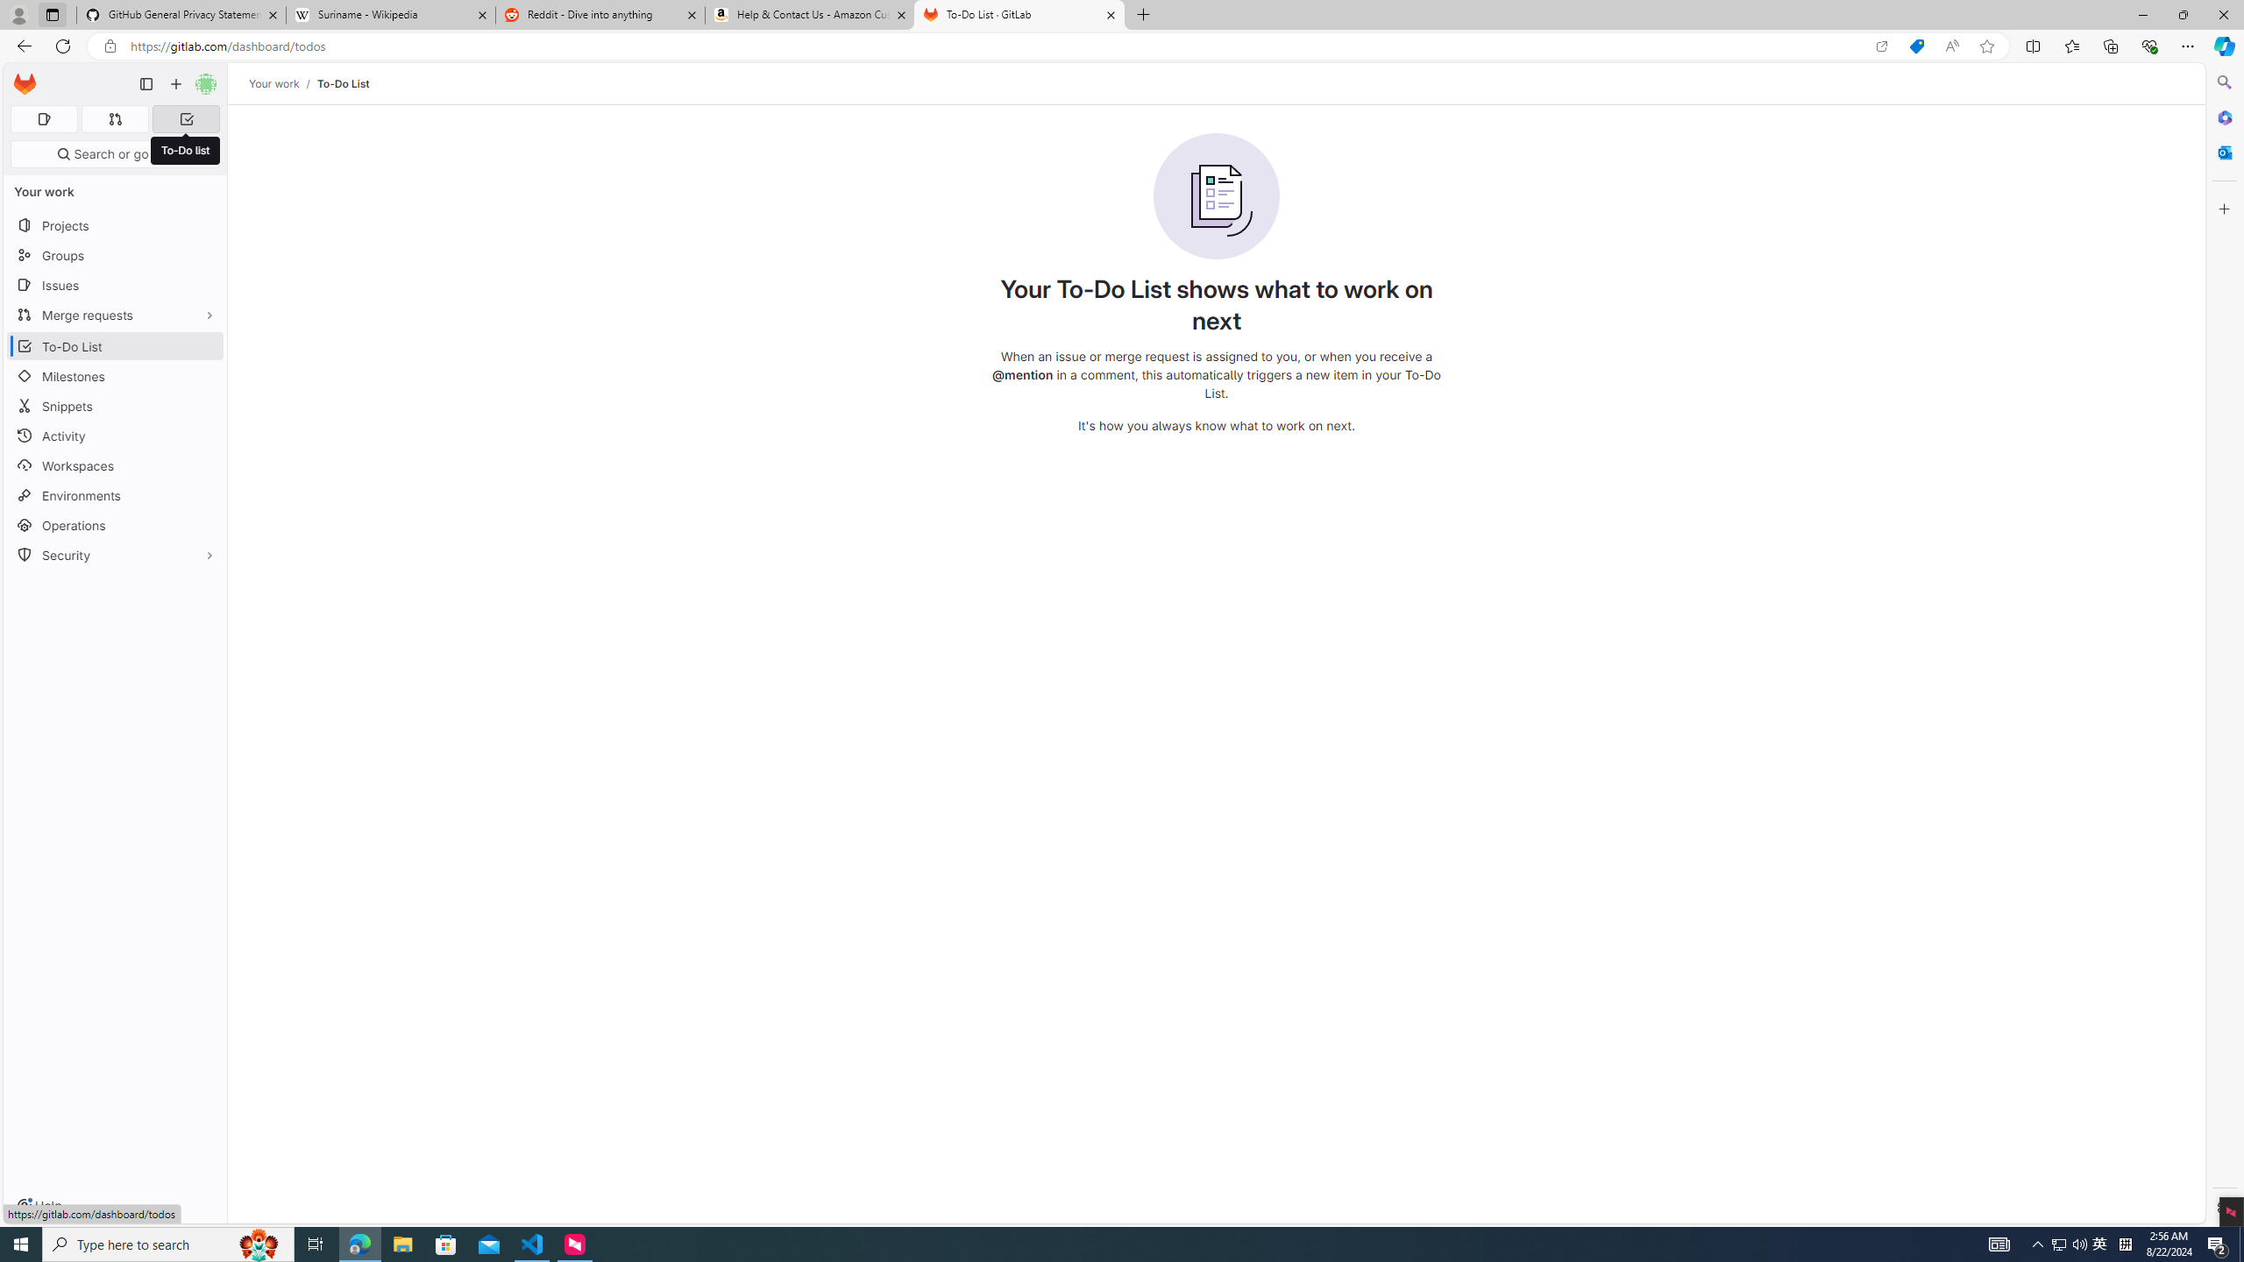 This screenshot has height=1262, width=2244. Describe the element at coordinates (114, 553) in the screenshot. I see `'Security'` at that location.